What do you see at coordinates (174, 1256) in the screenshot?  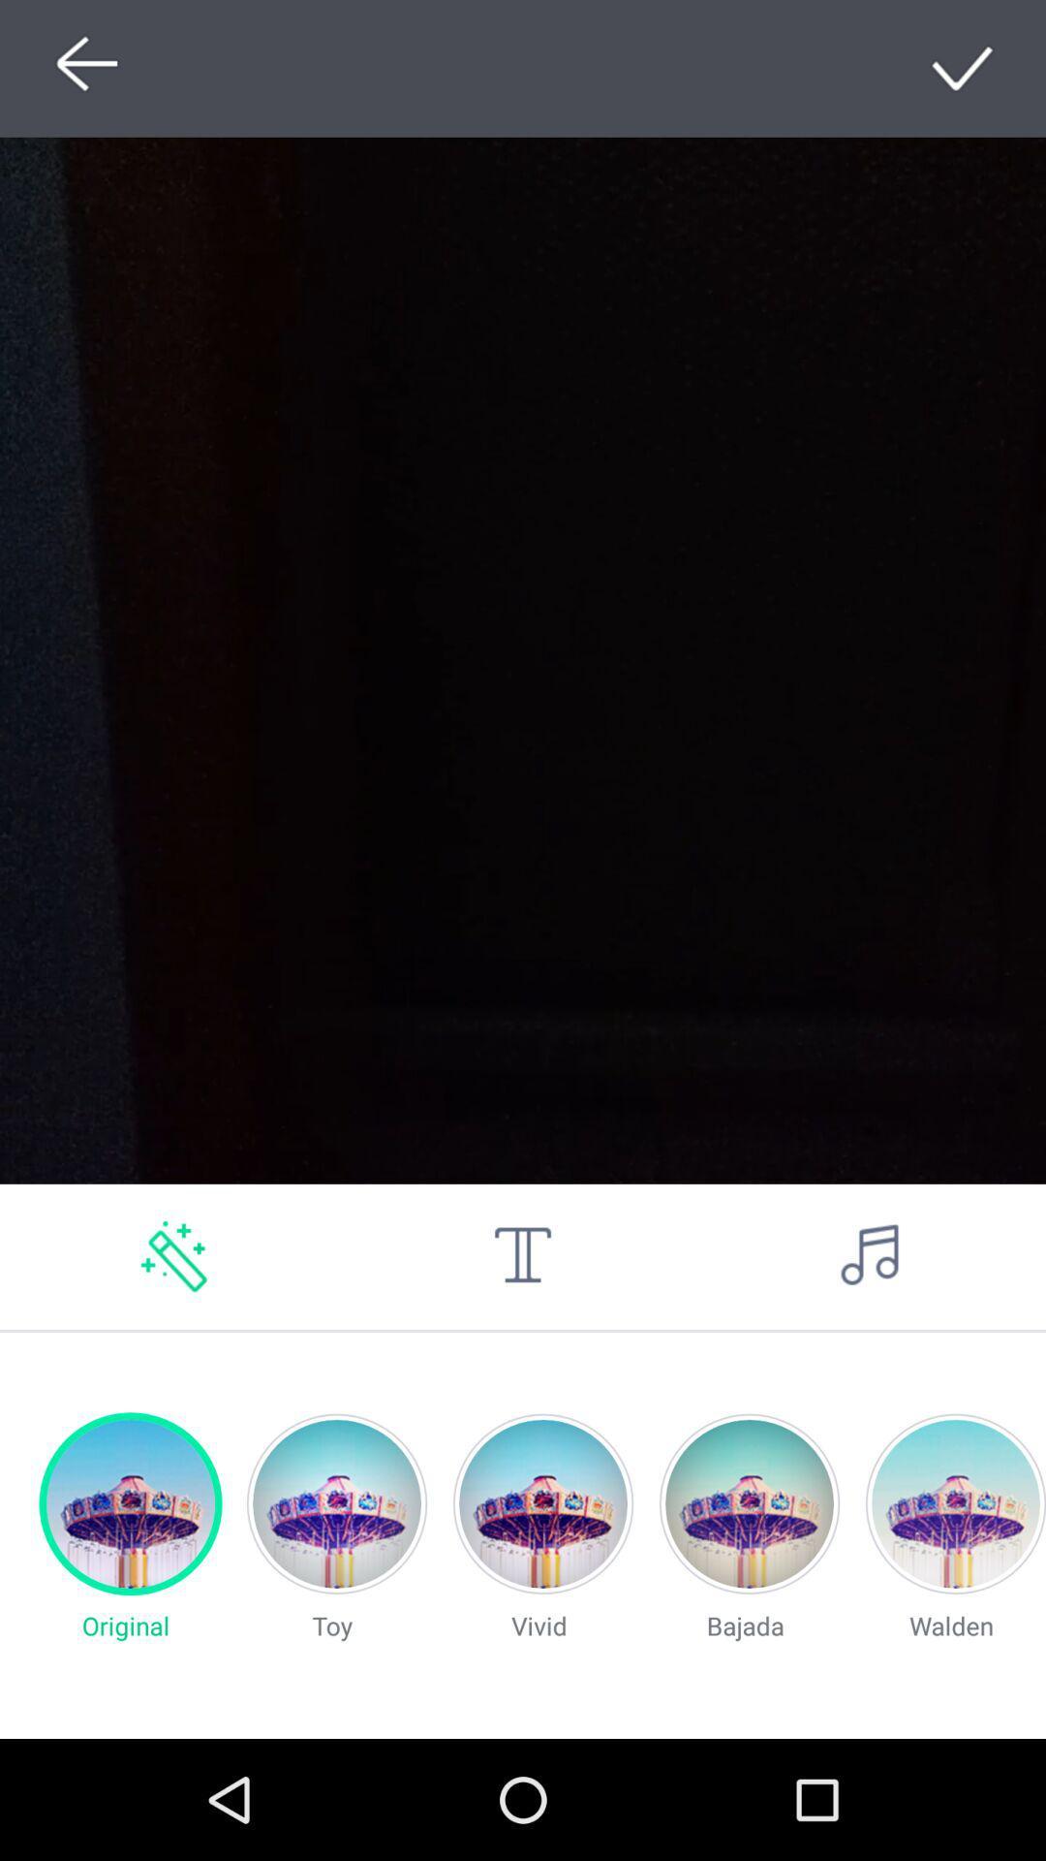 I see `edit image` at bounding box center [174, 1256].